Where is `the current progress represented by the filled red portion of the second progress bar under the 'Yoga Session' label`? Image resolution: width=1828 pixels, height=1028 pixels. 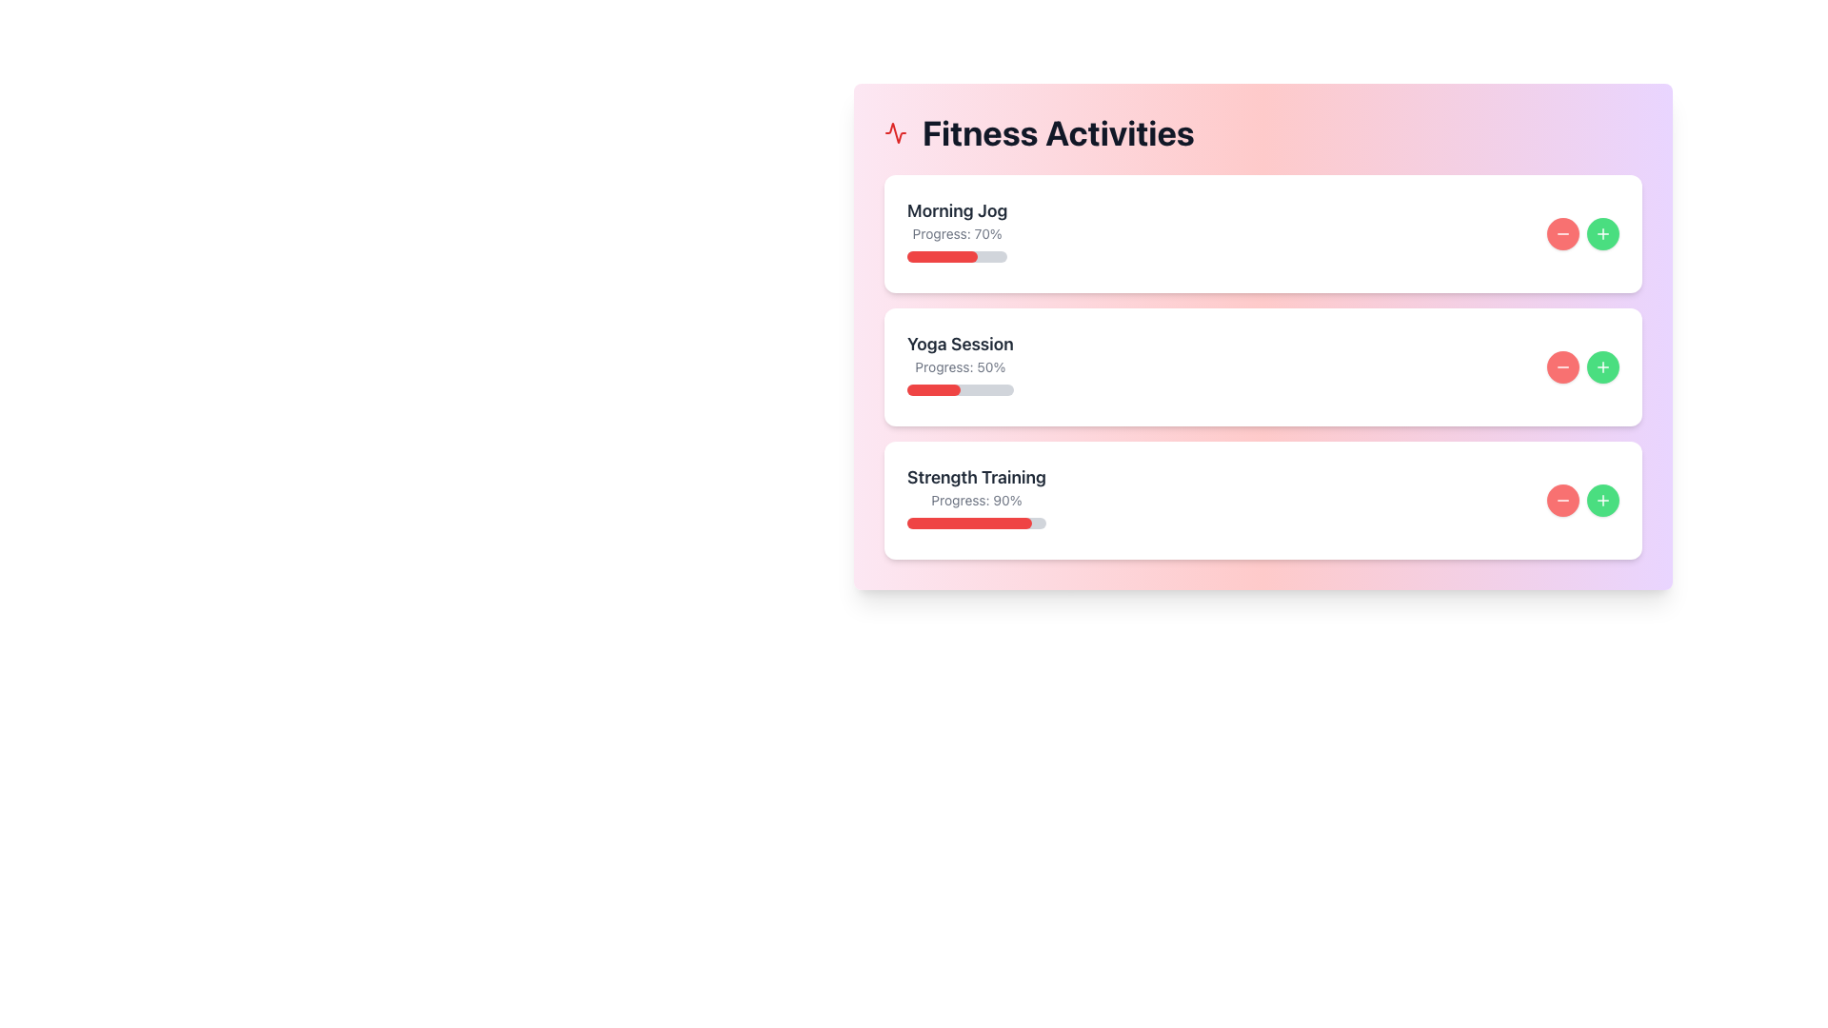 the current progress represented by the filled red portion of the second progress bar under the 'Yoga Session' label is located at coordinates (933, 388).